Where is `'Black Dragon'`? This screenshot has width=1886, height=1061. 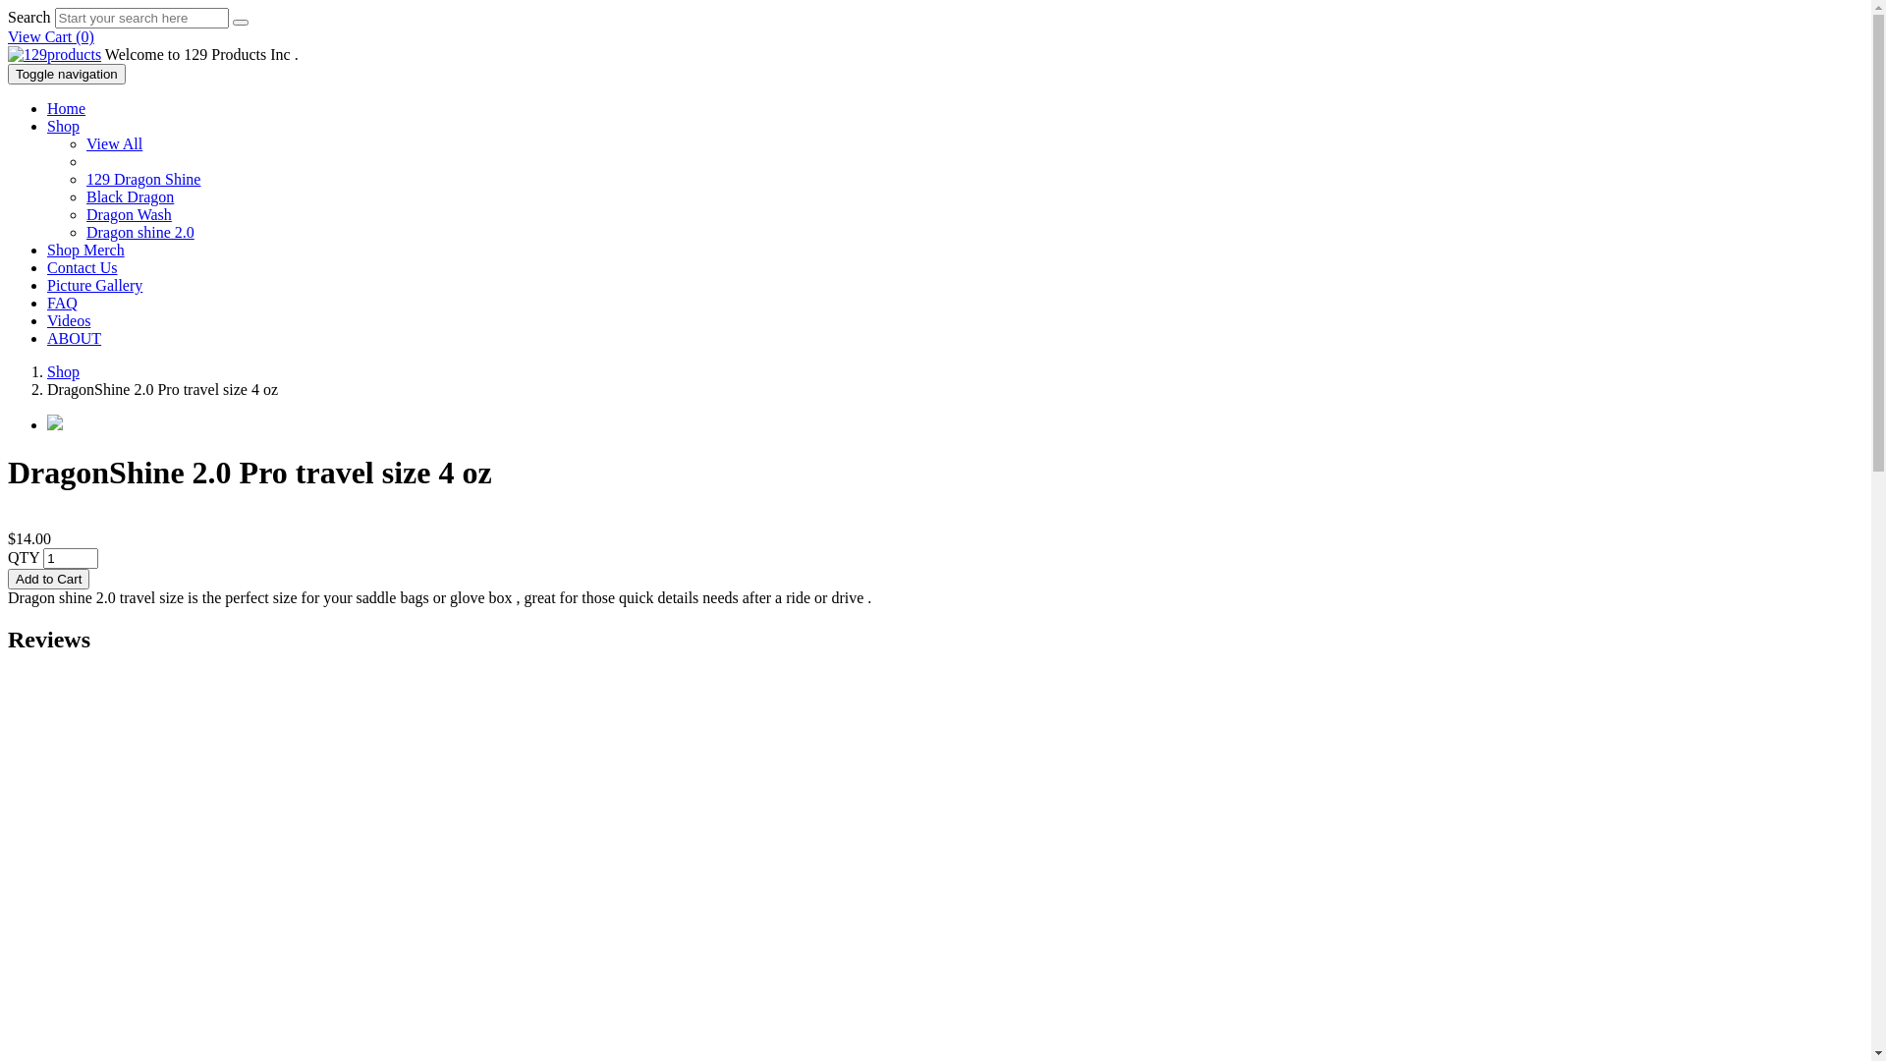 'Black Dragon' is located at coordinates (129, 196).